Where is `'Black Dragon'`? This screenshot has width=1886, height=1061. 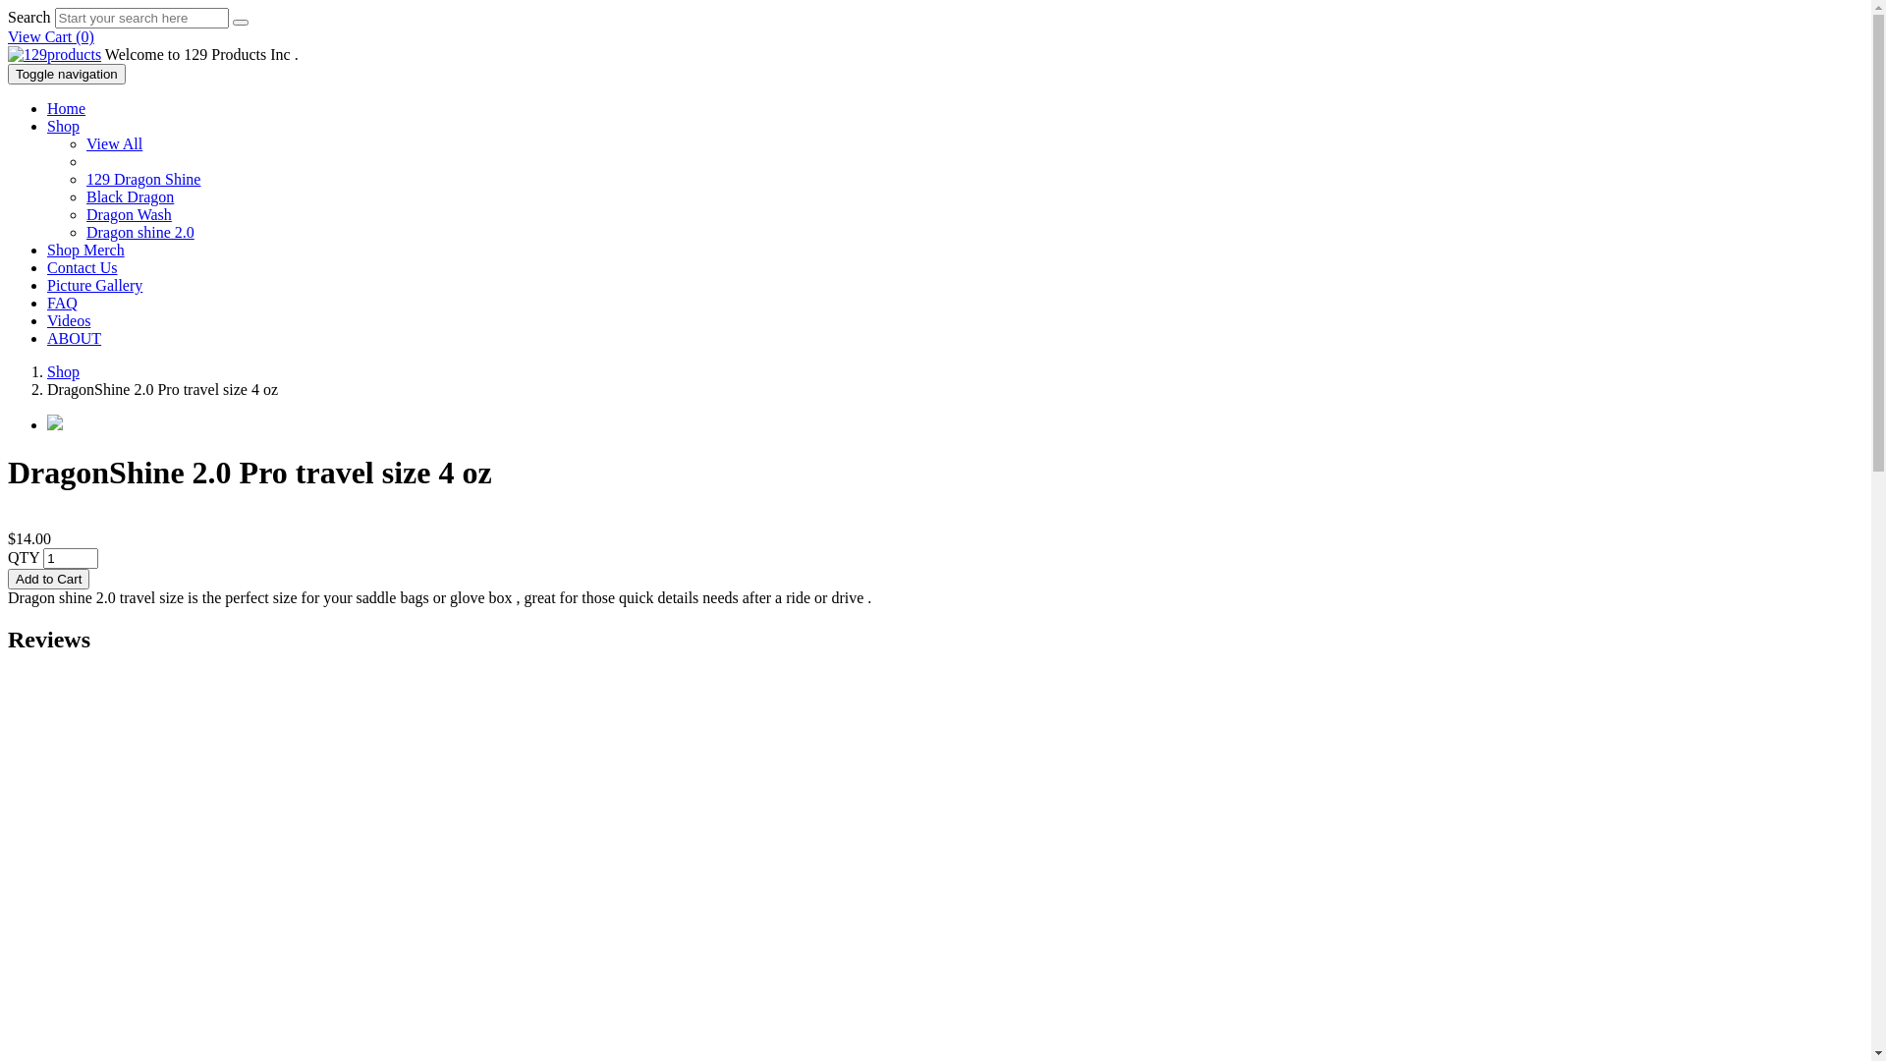 'Black Dragon' is located at coordinates (129, 196).